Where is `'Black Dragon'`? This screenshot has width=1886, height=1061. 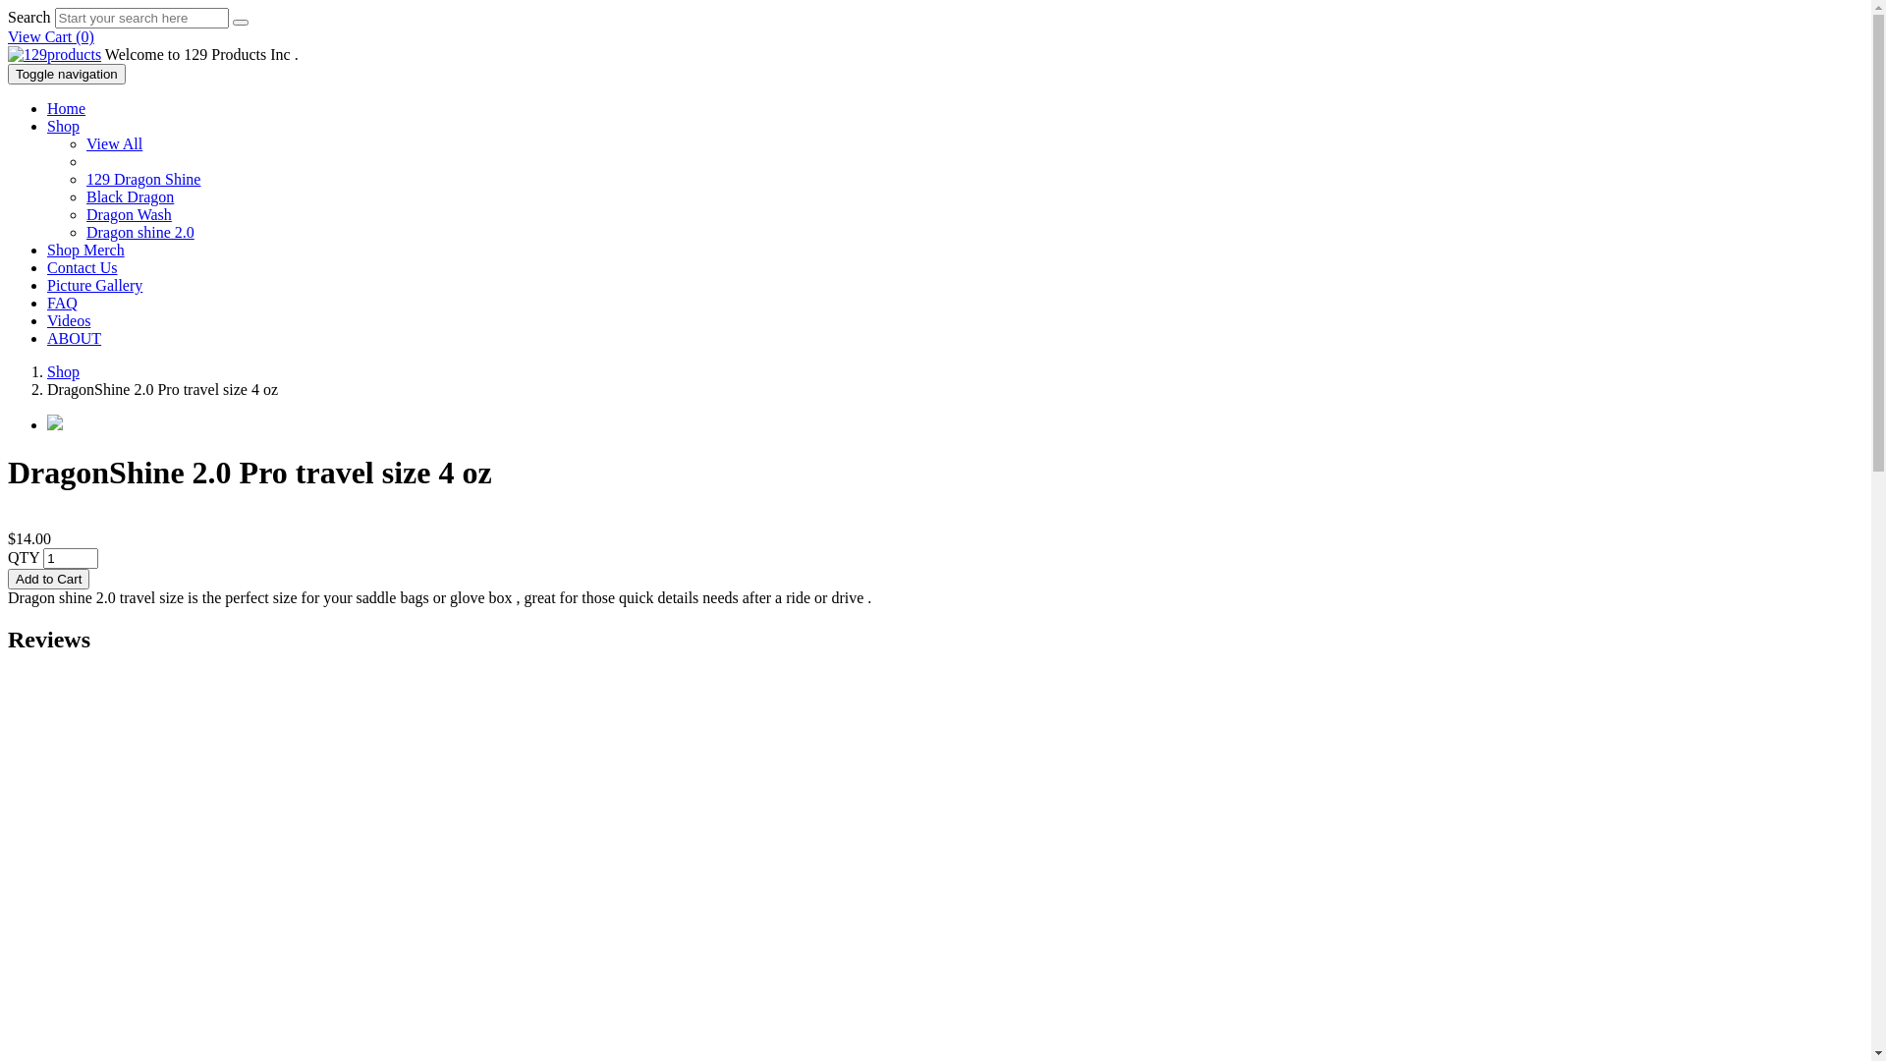 'Black Dragon' is located at coordinates (129, 196).